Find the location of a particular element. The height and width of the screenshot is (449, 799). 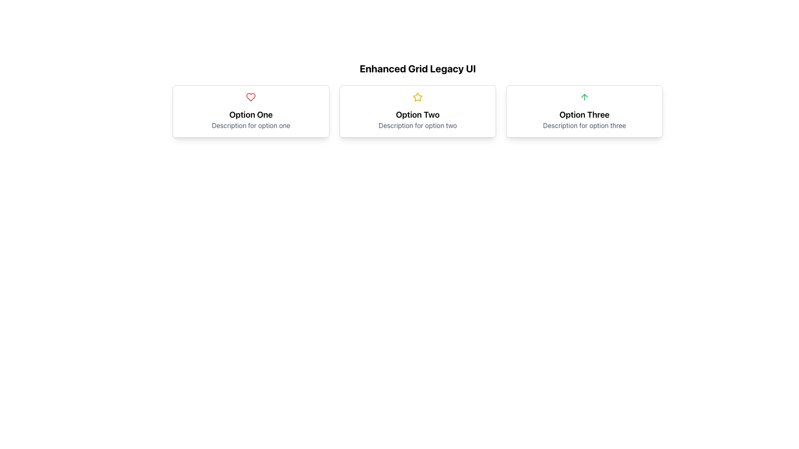

the heart icon located within the 'Option One' card, which is directly above the text 'Option One' and 'Description for option one.' is located at coordinates (251, 97).